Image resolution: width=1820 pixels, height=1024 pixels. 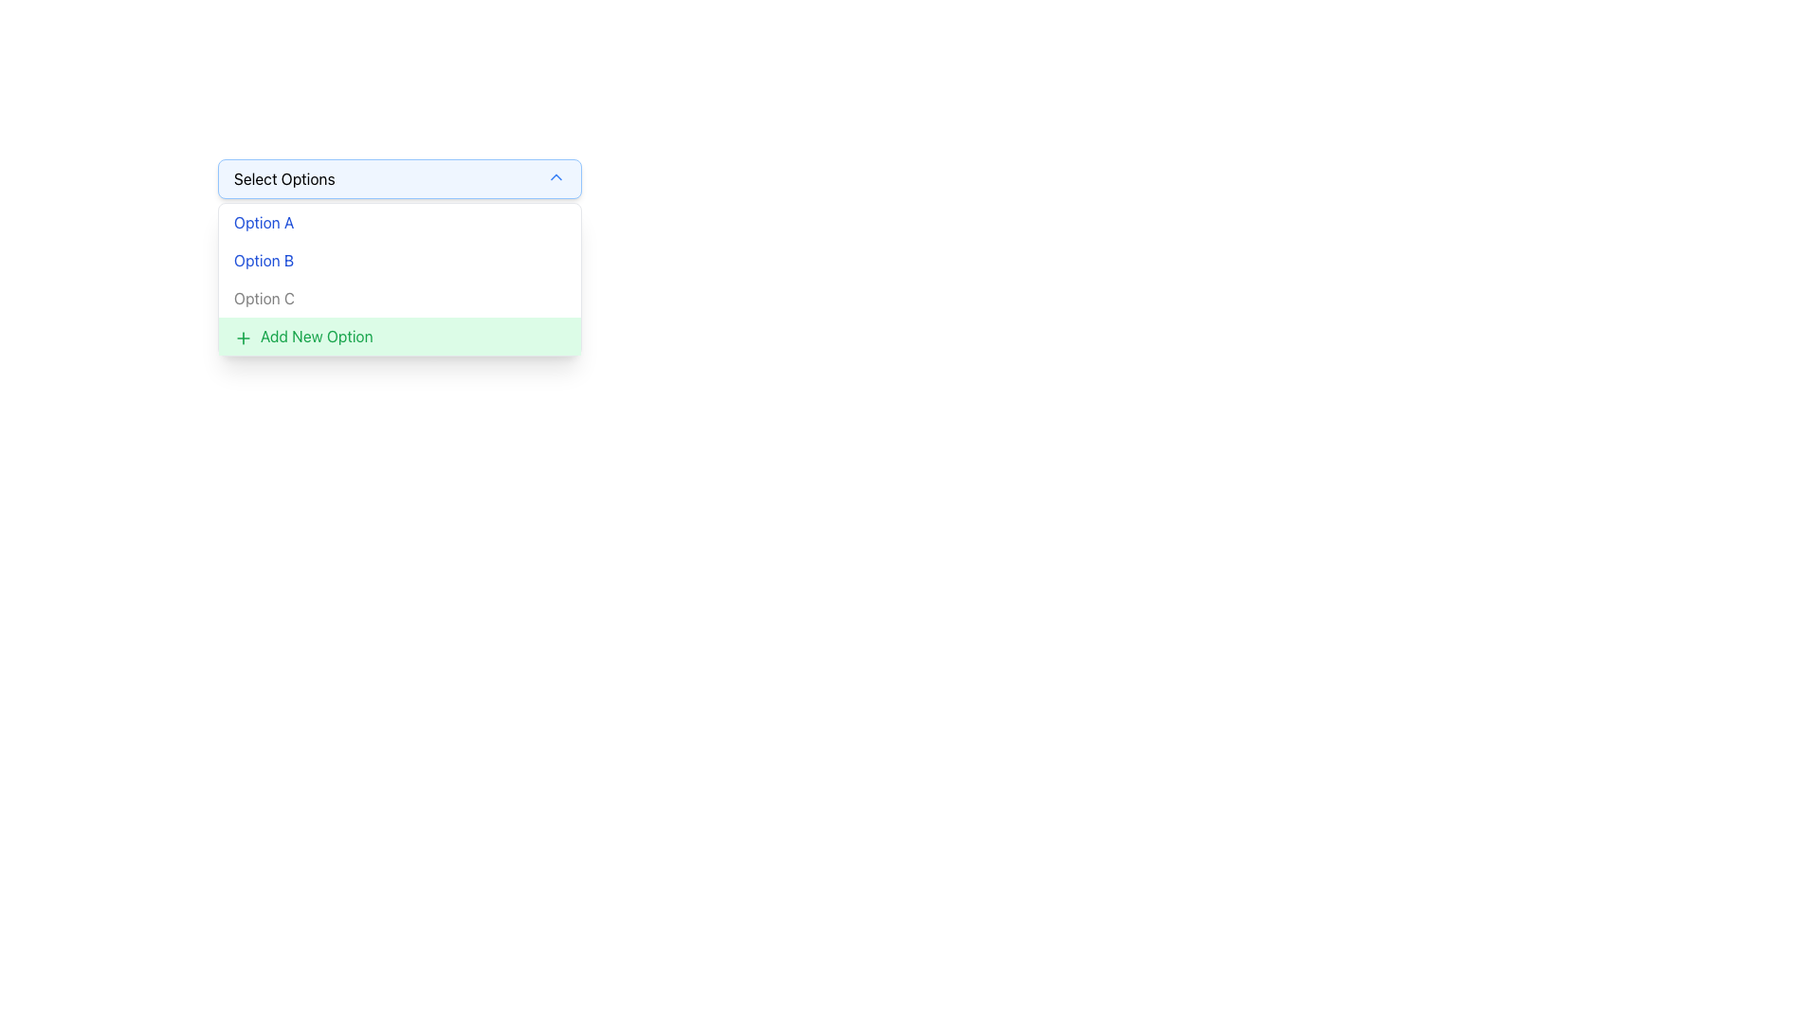 What do you see at coordinates (555, 176) in the screenshot?
I see `the chevron icon located at the upper-right corner of the 'Select Options' dropdown menu` at bounding box center [555, 176].